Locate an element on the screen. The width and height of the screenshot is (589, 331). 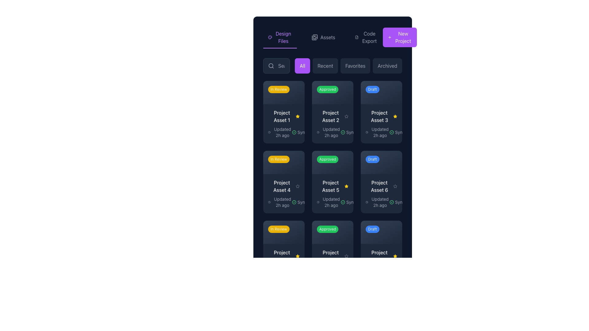
the card with a dark blue background labeled 'In Review' and containing the text 'Project Asset 7' to perform the default action is located at coordinates (283, 252).